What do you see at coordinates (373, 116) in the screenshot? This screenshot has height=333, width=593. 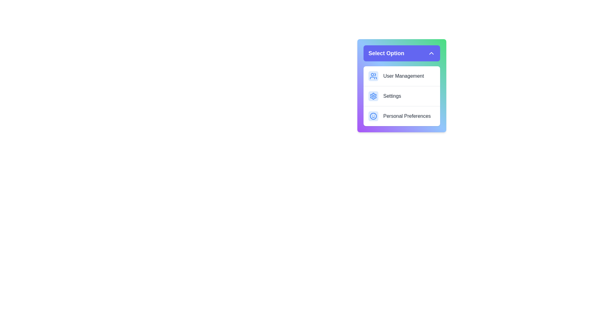 I see `the circular element that is part of the smiley face icon located within the 'Personal Preferences' dropdown menu` at bounding box center [373, 116].